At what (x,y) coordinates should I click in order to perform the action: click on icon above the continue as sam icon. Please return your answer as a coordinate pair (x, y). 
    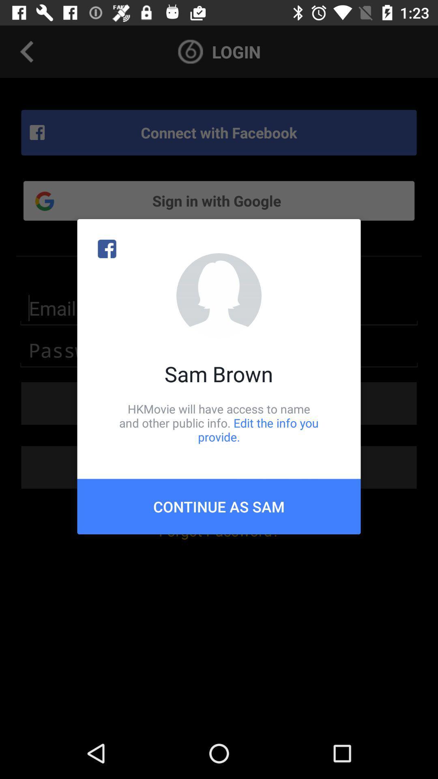
    Looking at the image, I should click on (219, 422).